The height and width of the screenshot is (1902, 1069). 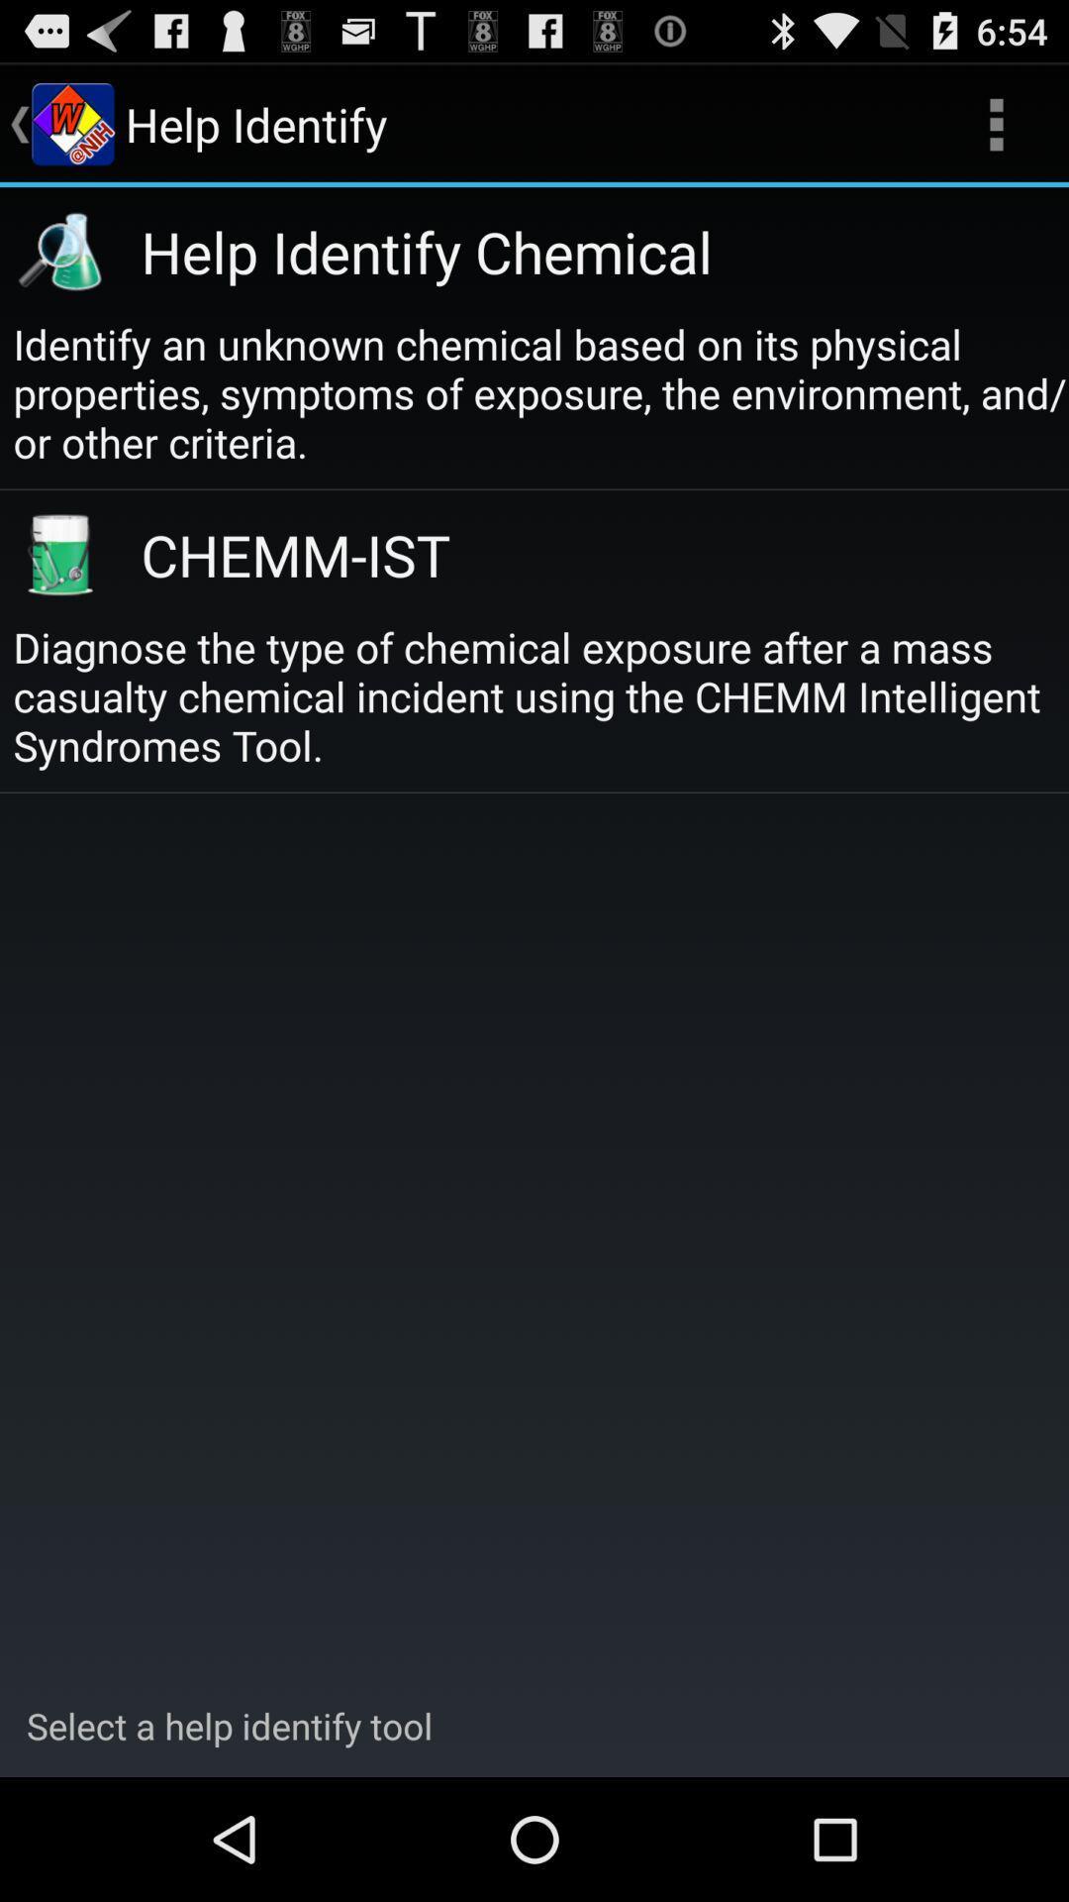 What do you see at coordinates (540, 392) in the screenshot?
I see `the identify an unknown` at bounding box center [540, 392].